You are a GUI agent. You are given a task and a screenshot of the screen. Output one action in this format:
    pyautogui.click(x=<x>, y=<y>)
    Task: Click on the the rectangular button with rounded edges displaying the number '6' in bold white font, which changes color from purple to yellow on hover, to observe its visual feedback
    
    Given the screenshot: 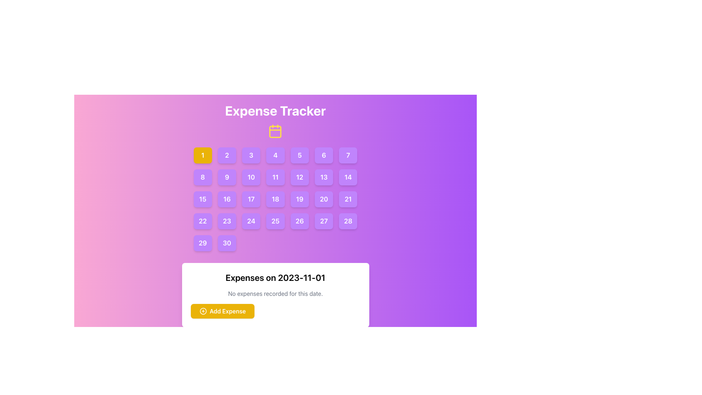 What is the action you would take?
    pyautogui.click(x=324, y=155)
    